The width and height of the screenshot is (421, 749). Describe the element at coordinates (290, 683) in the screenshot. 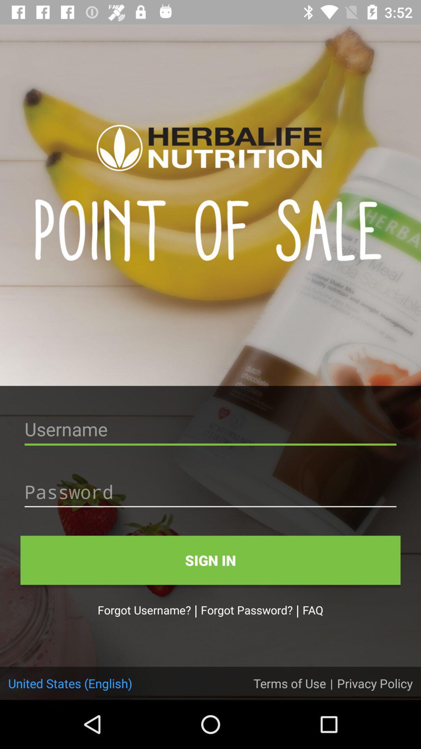

I see `the icon next to | icon` at that location.